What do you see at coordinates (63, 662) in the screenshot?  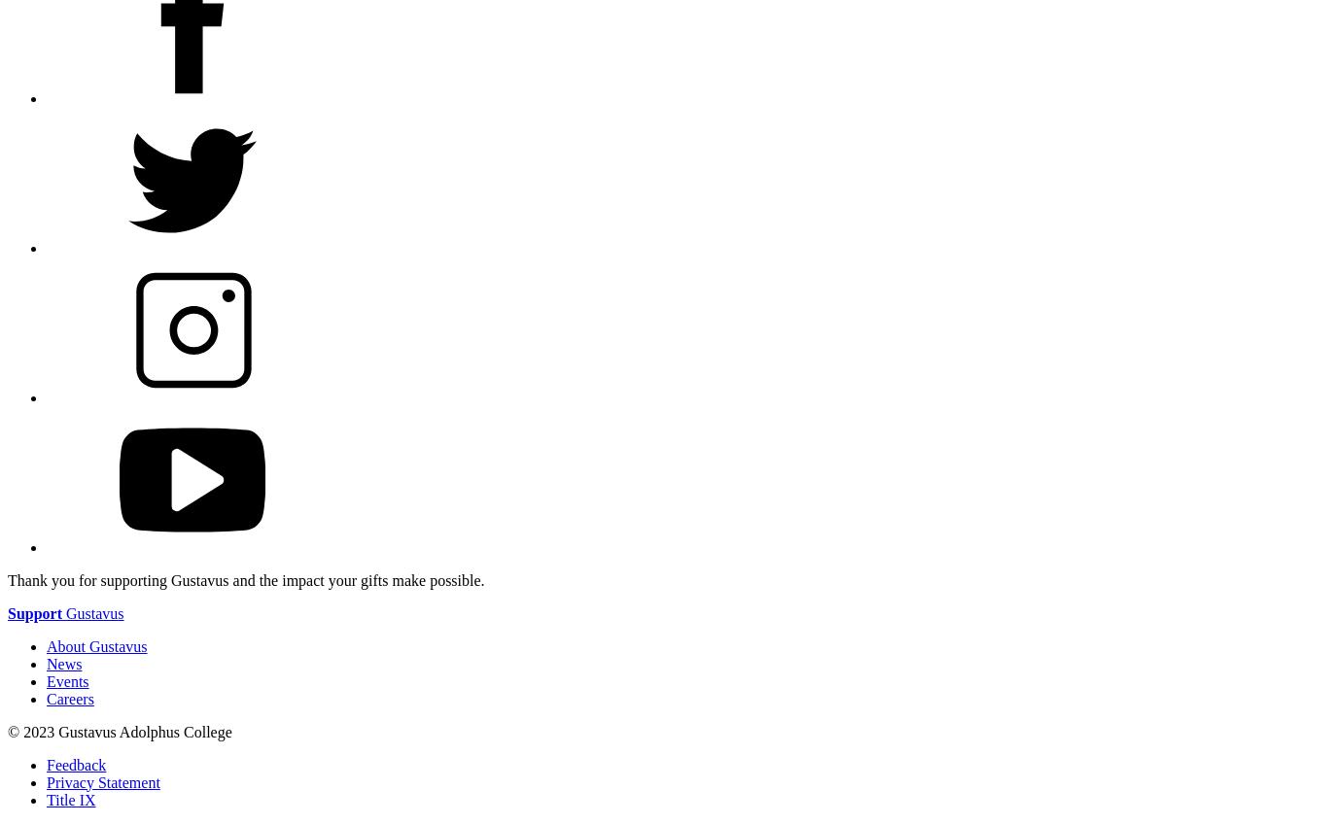 I see `'News'` at bounding box center [63, 662].